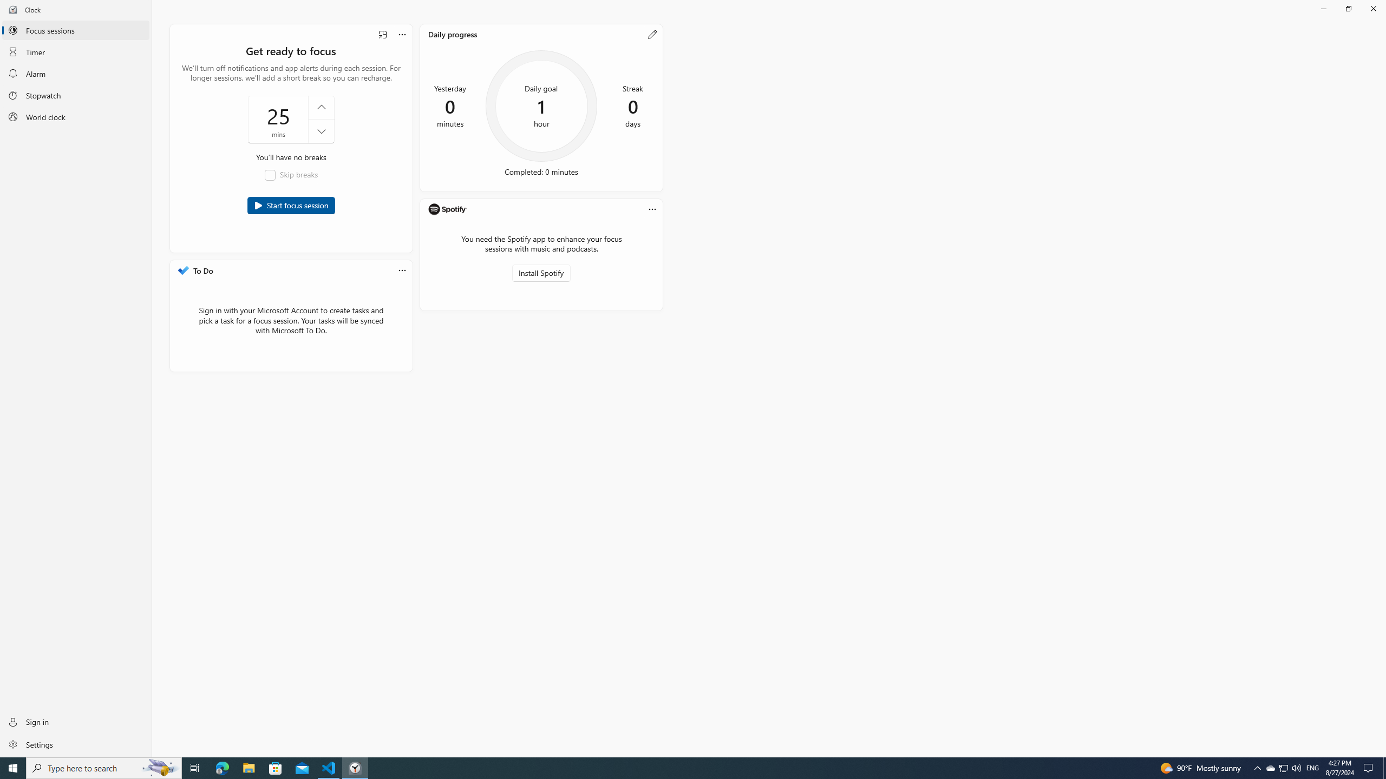  Describe the element at coordinates (75, 743) in the screenshot. I see `'Settings'` at that location.